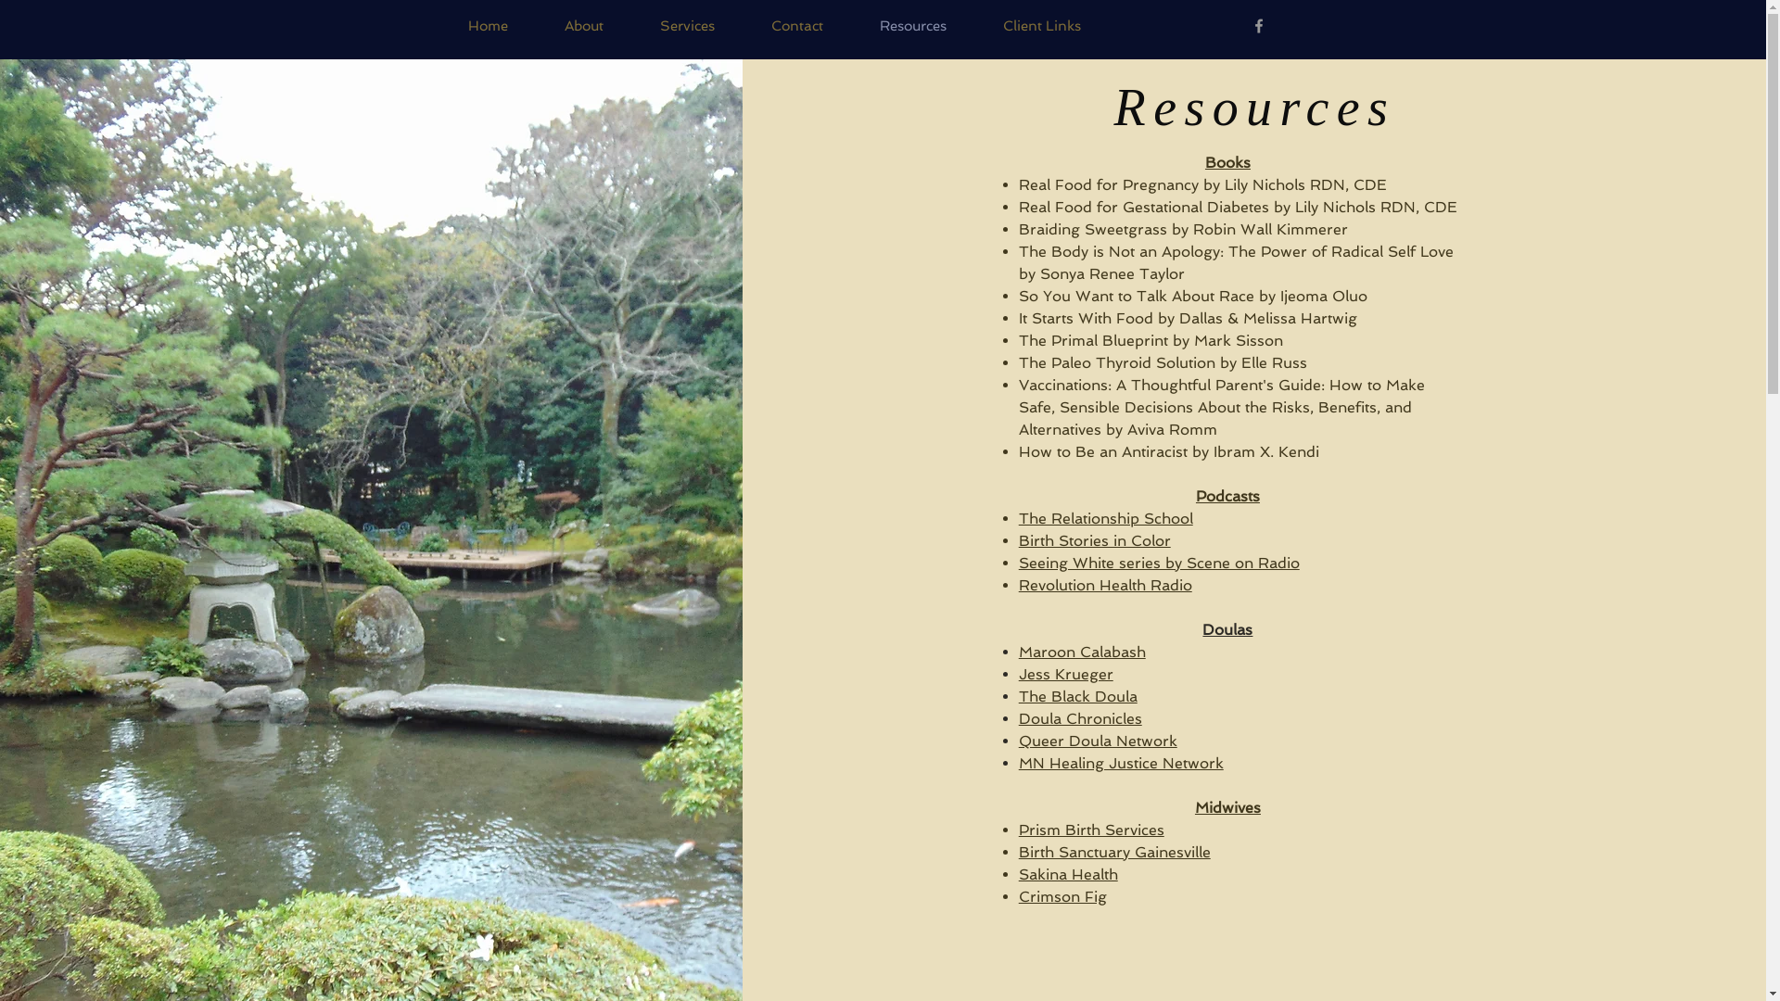 This screenshot has width=1780, height=1001. What do you see at coordinates (488, 25) in the screenshot?
I see `'Home'` at bounding box center [488, 25].